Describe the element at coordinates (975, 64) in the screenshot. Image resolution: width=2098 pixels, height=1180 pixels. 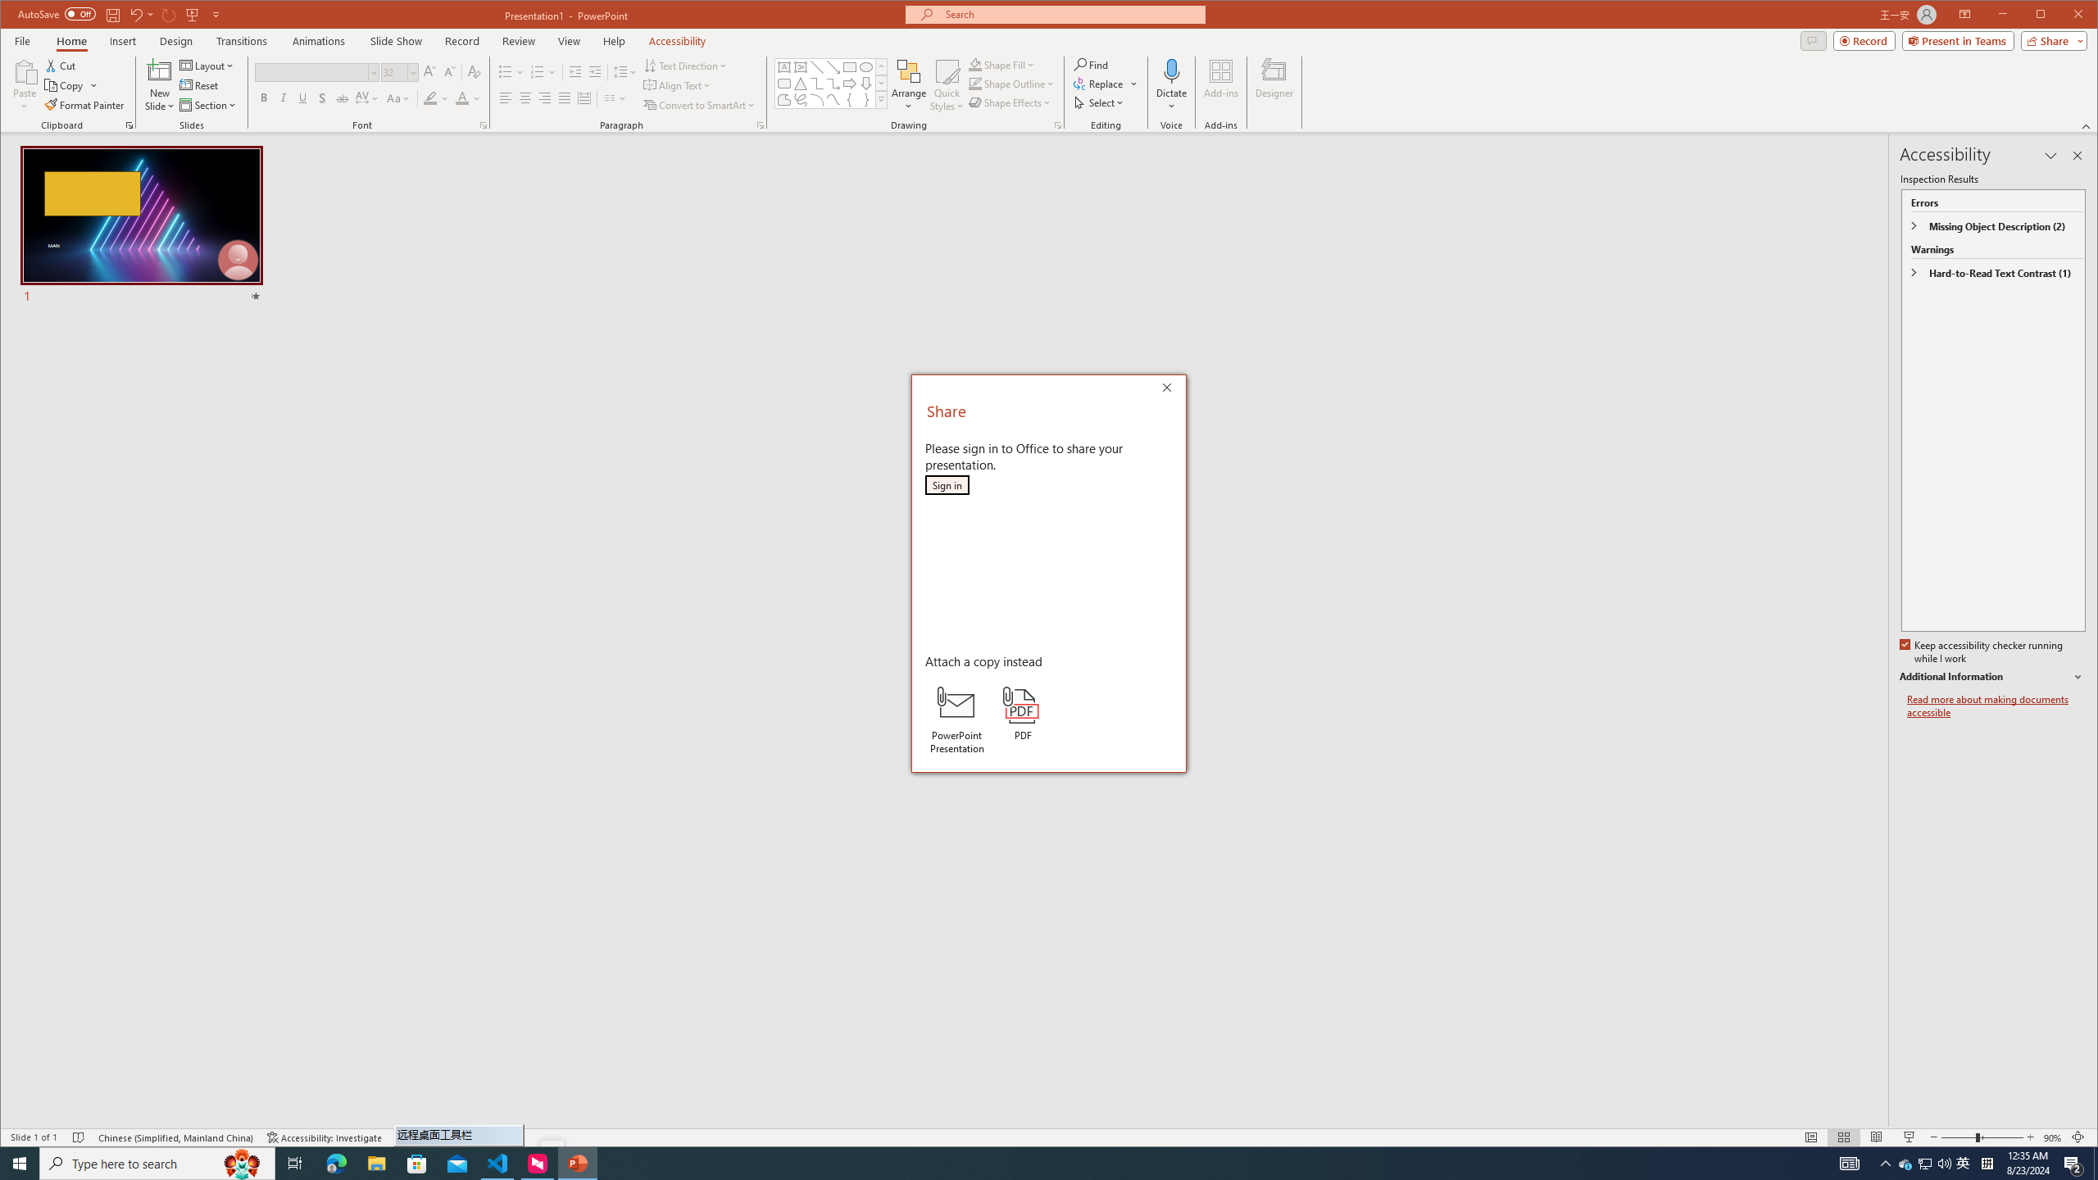
I see `'Shape Fill Orange, Accent 2'` at that location.